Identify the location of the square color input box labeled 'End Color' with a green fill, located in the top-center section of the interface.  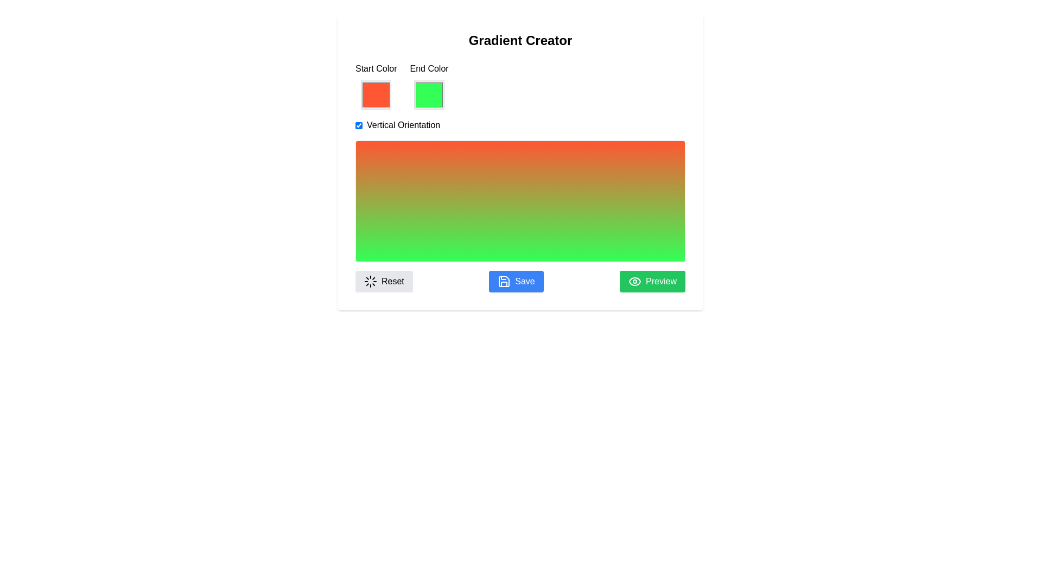
(429, 85).